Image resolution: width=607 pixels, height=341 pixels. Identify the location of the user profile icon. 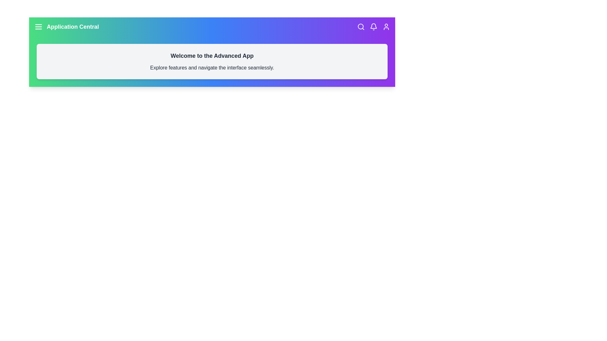
(386, 26).